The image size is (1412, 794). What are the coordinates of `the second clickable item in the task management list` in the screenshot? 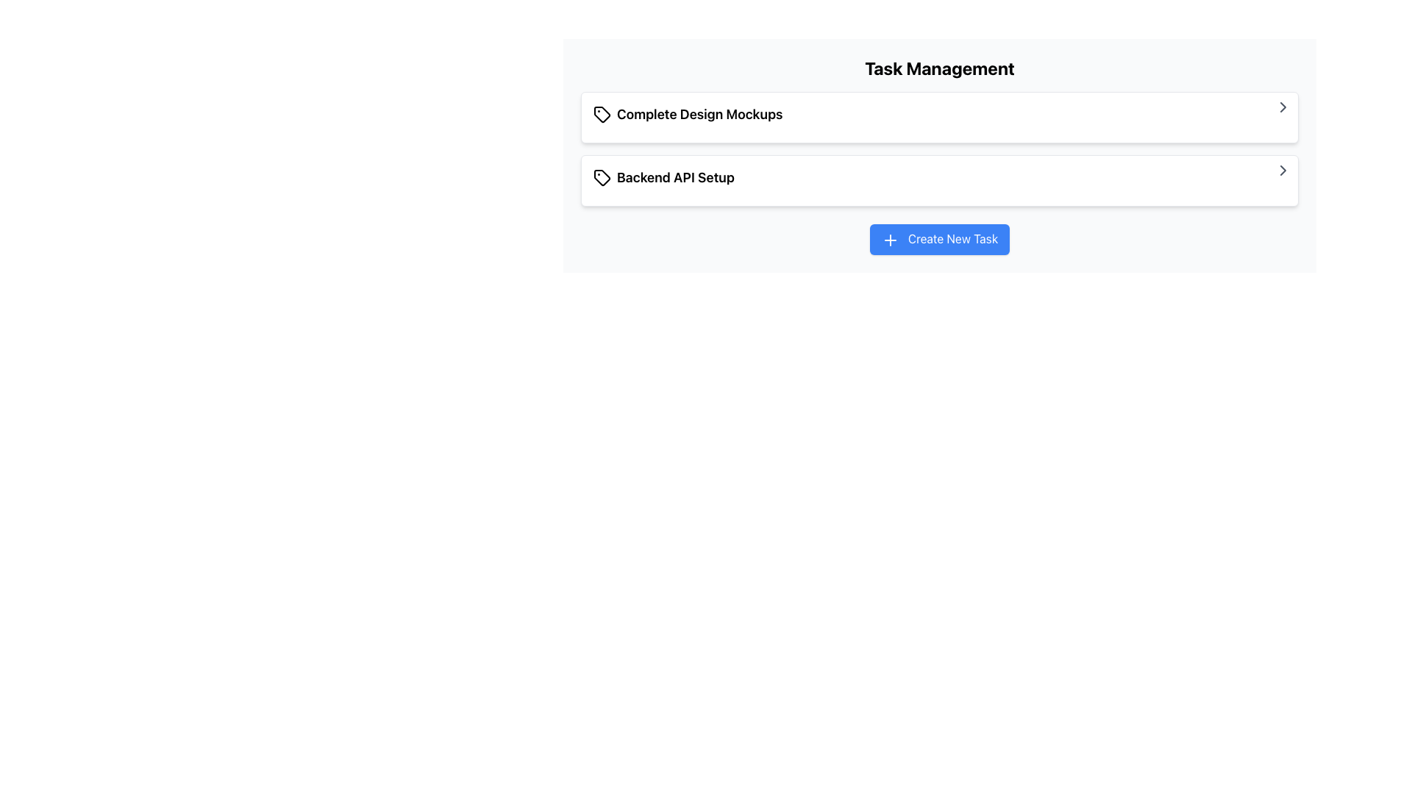 It's located at (938, 180).